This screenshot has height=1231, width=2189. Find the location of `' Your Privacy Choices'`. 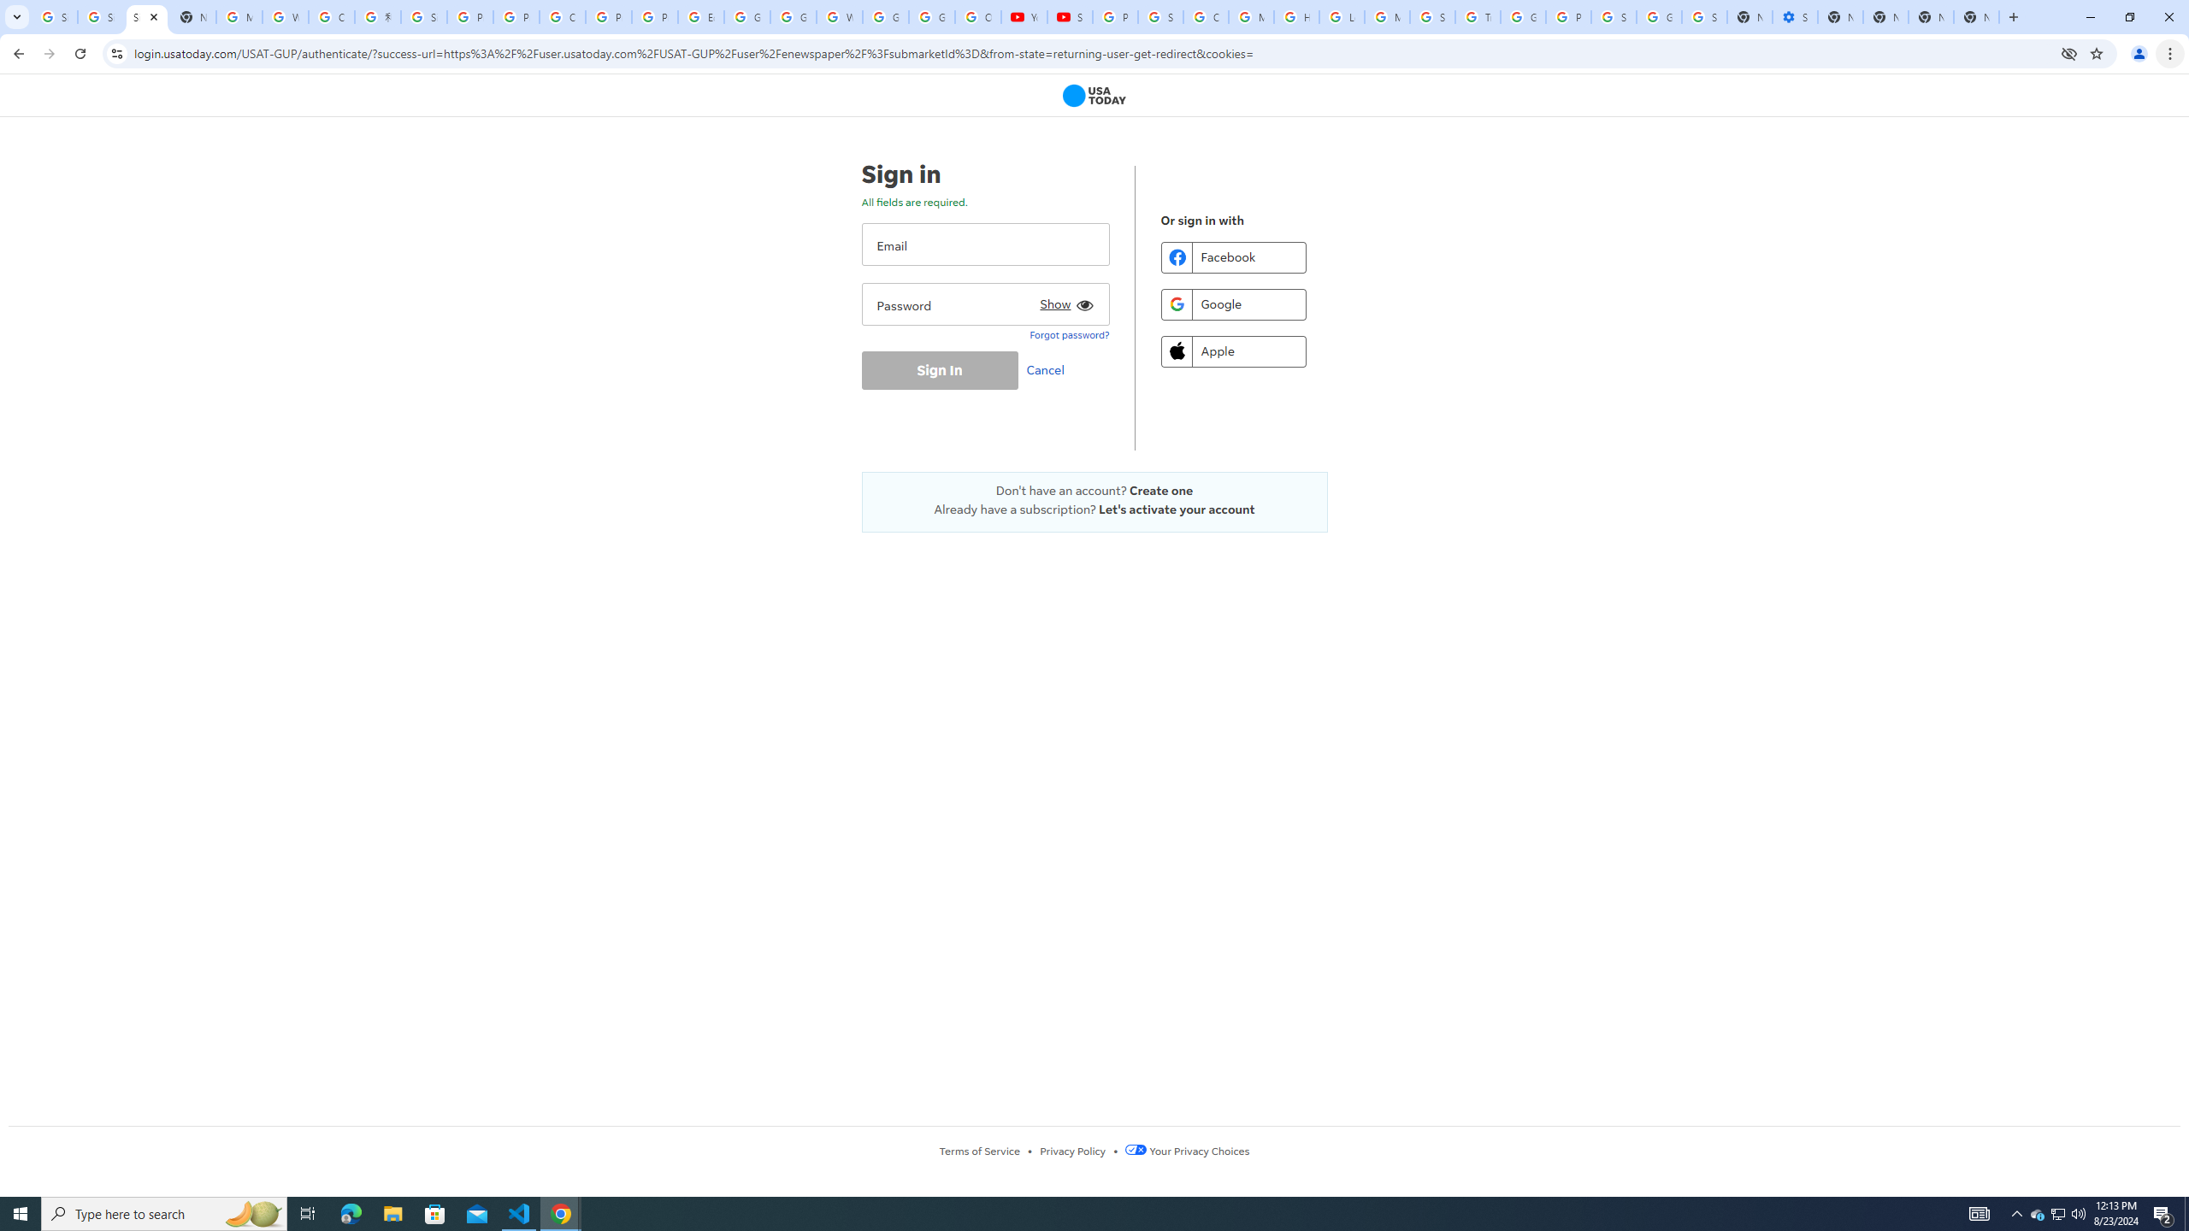

' Your Privacy Choices' is located at coordinates (1186, 1150).